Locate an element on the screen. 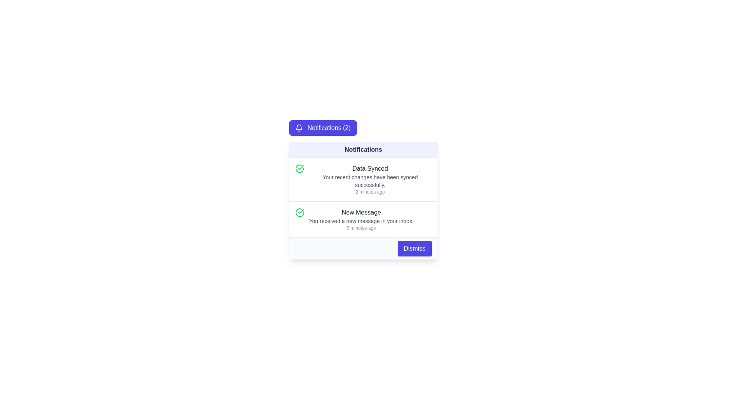 The height and width of the screenshot is (419, 745). or dismiss the second notification item in the vertically stacked group of notifications, which informs the user about a new message received in their inbox is located at coordinates (363, 219).